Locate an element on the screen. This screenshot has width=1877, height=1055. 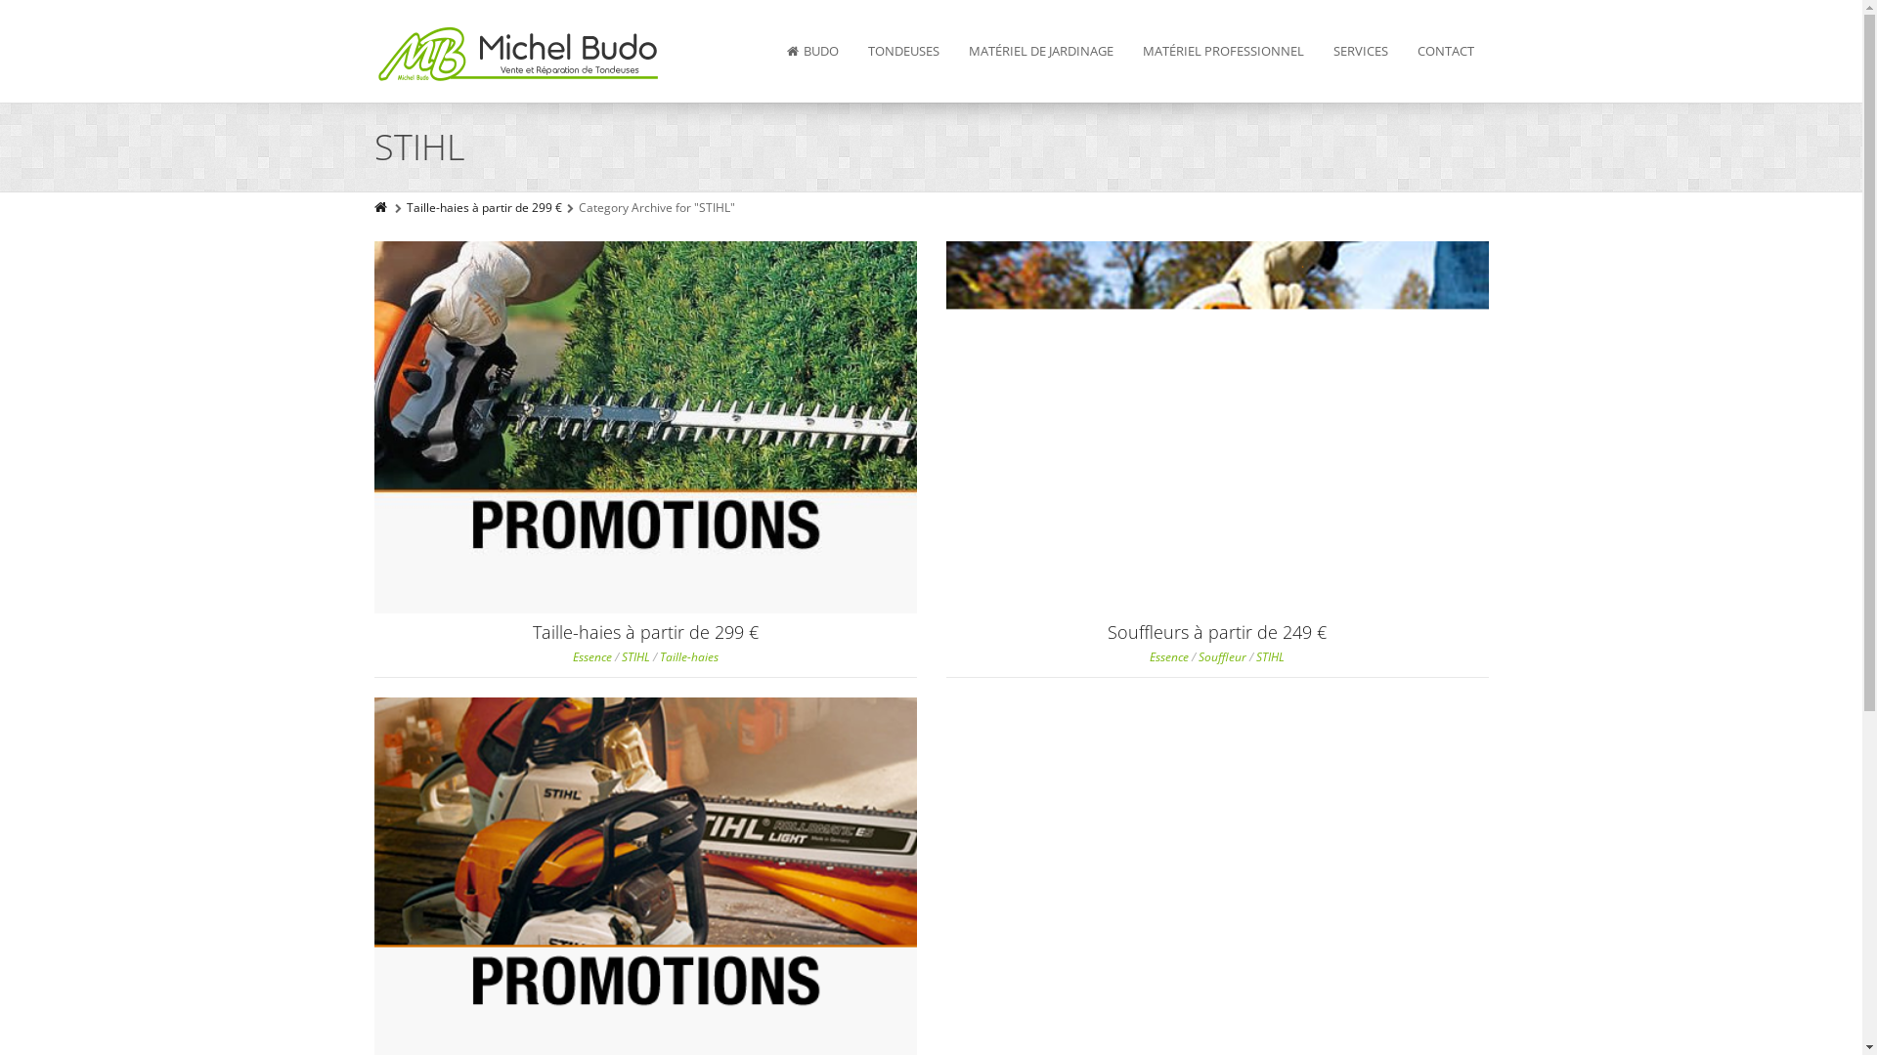
'BUDO' is located at coordinates (812, 49).